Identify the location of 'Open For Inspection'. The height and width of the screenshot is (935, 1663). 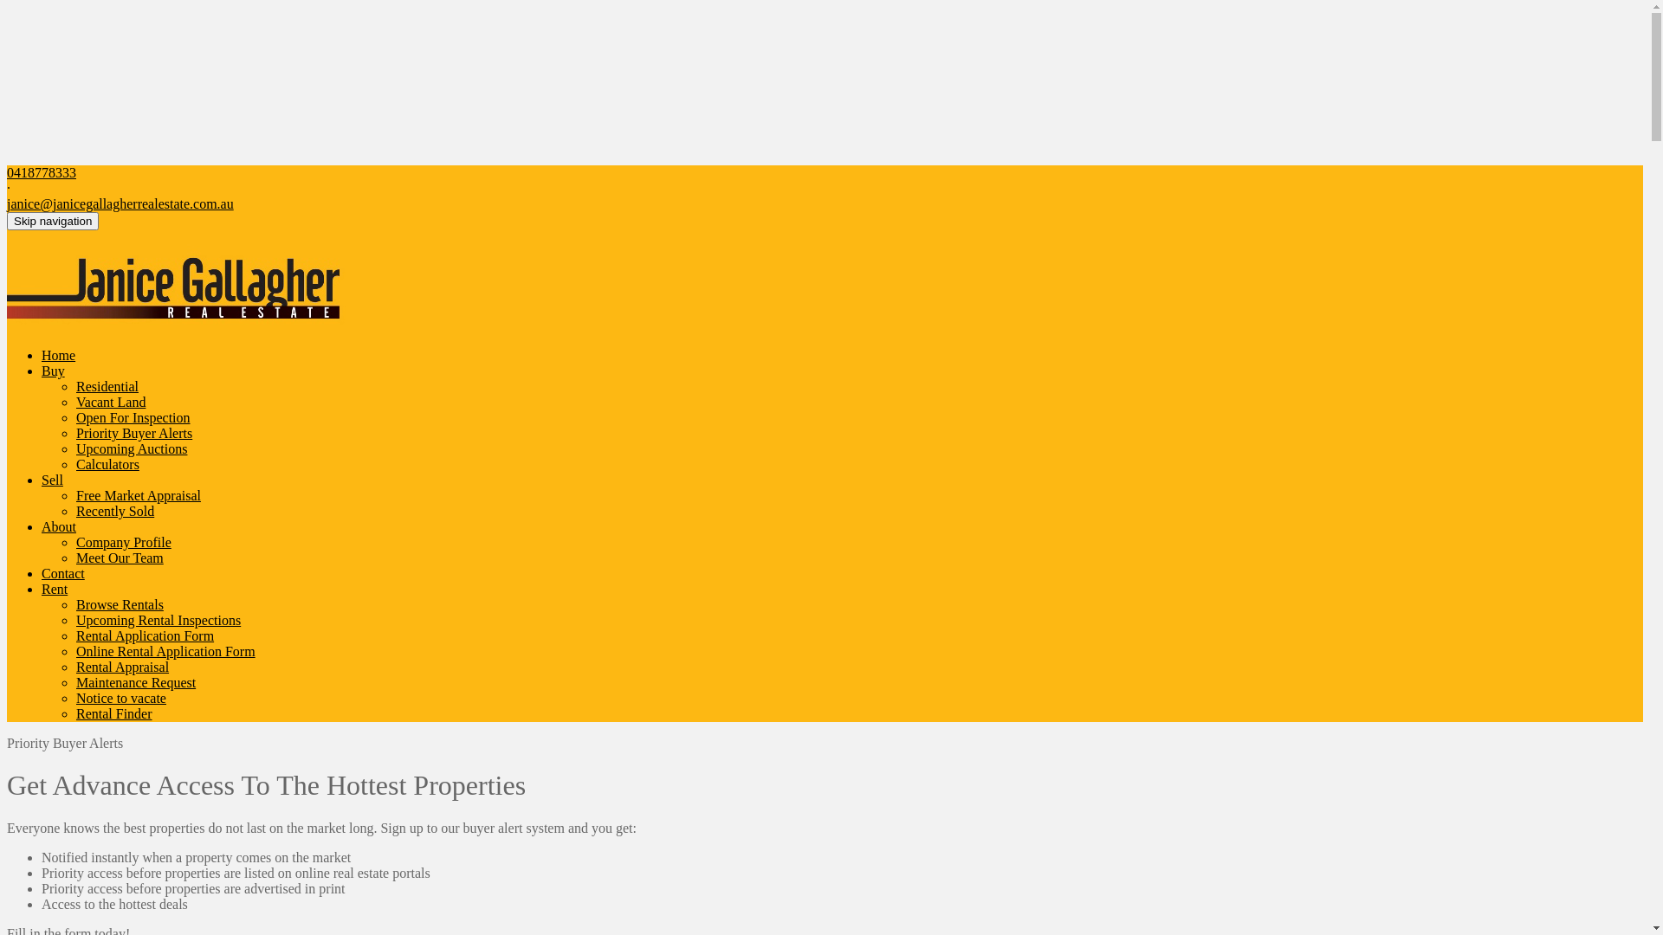
(132, 417).